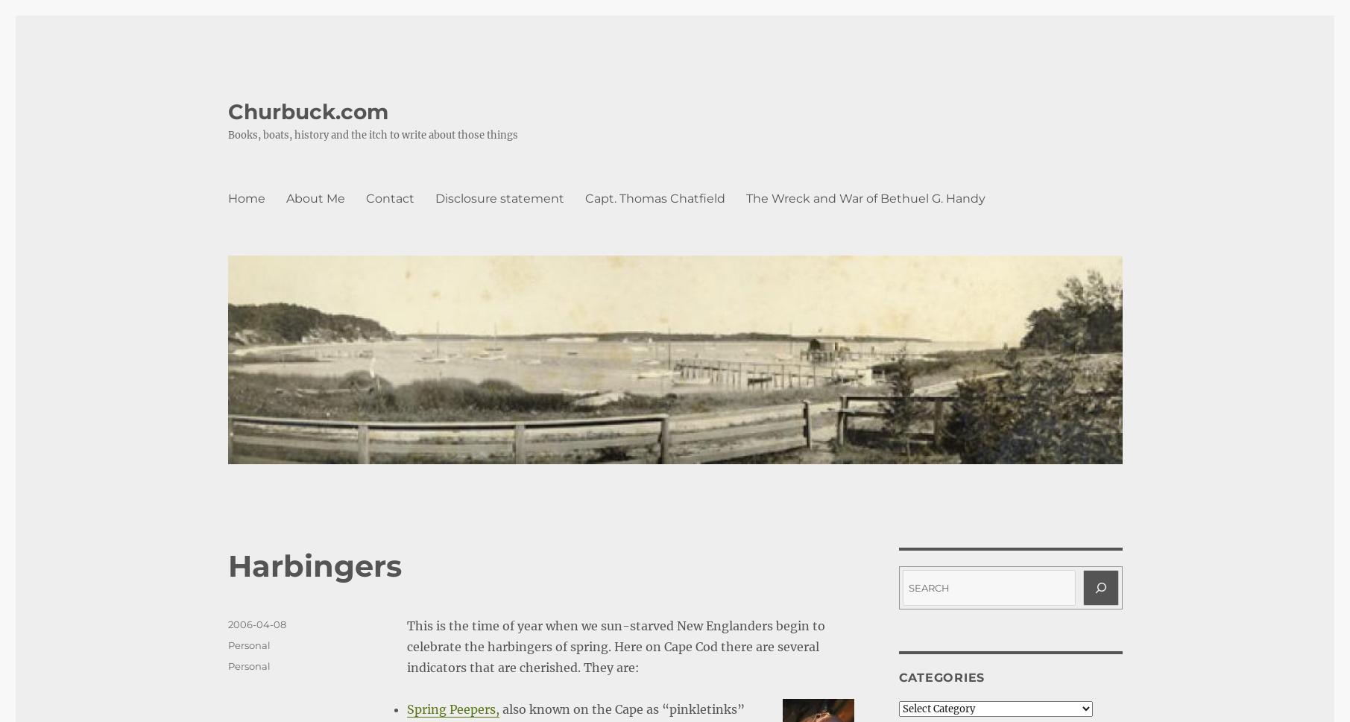  I want to click on 'Oldest', so click(965, 98).